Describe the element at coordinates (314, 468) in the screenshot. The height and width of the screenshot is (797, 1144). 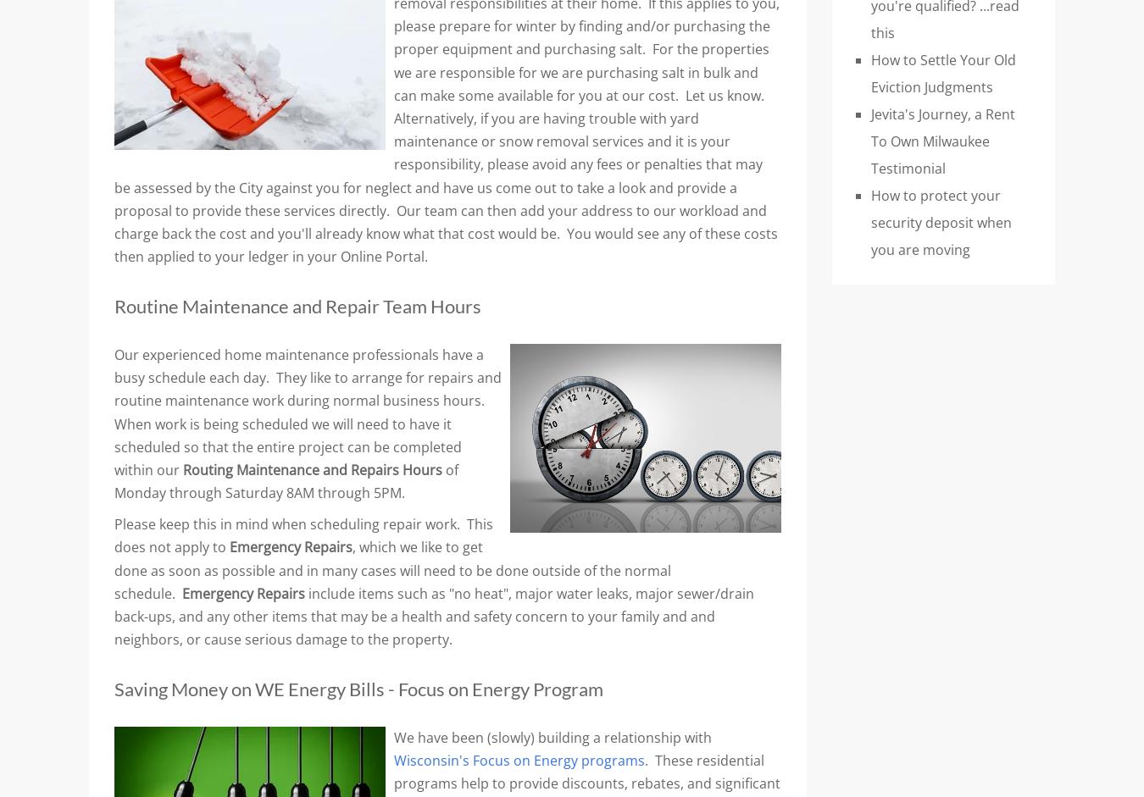
I see `'Routing Maintenance and Repairs Hours'` at that location.